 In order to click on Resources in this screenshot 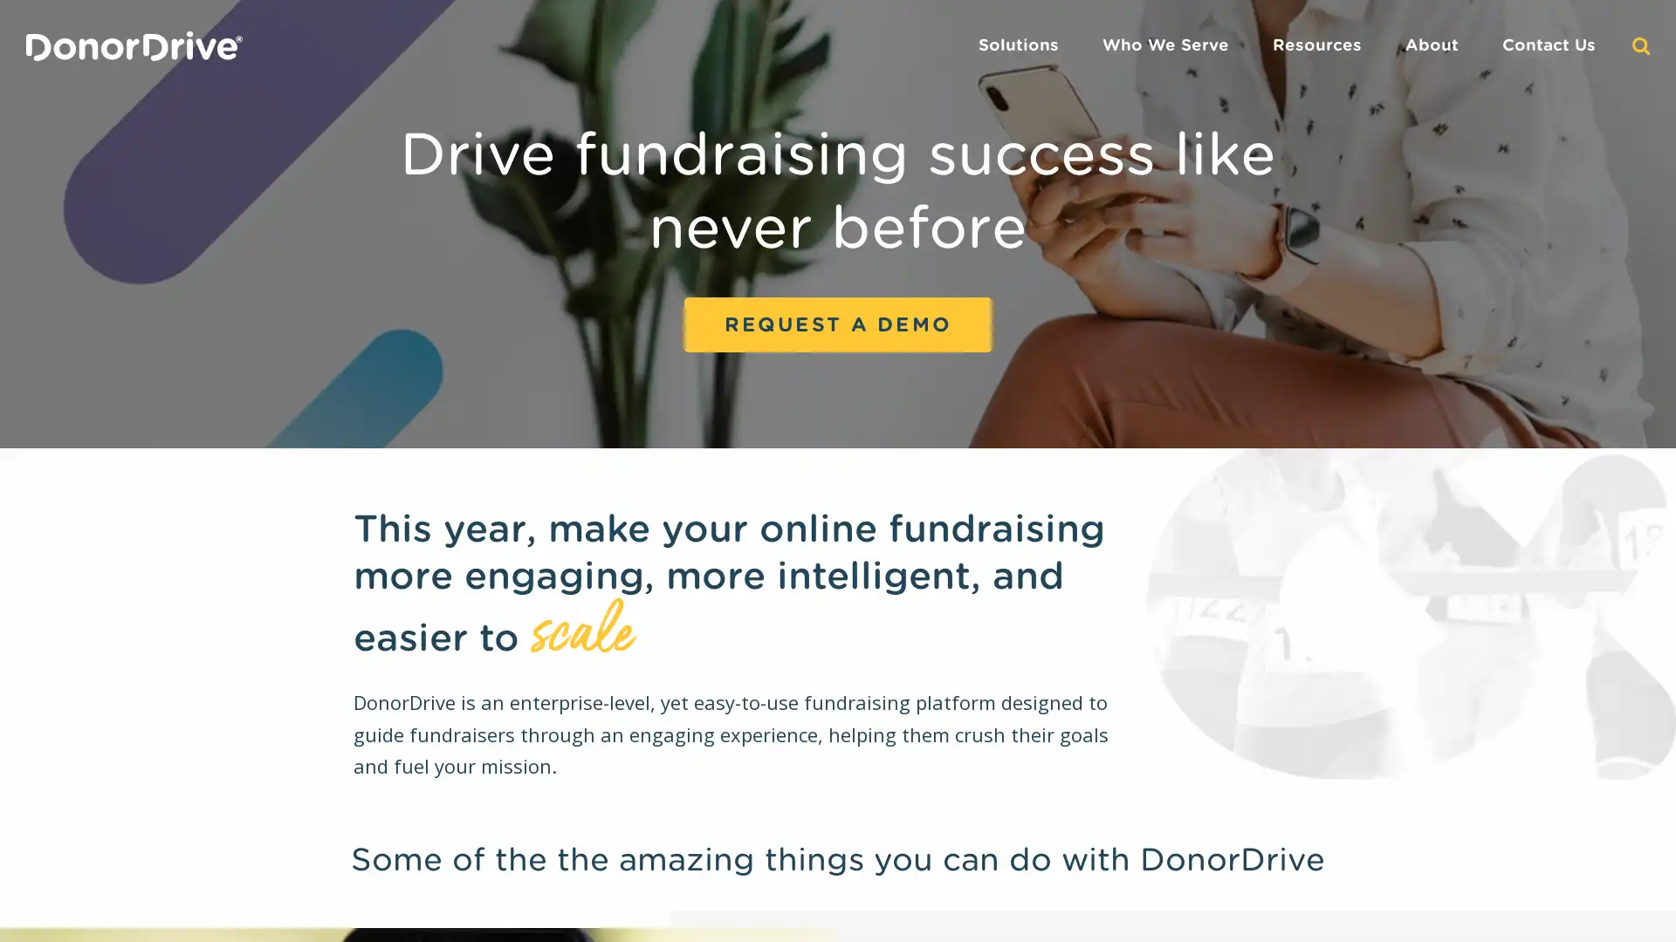, I will do `click(1316, 44)`.